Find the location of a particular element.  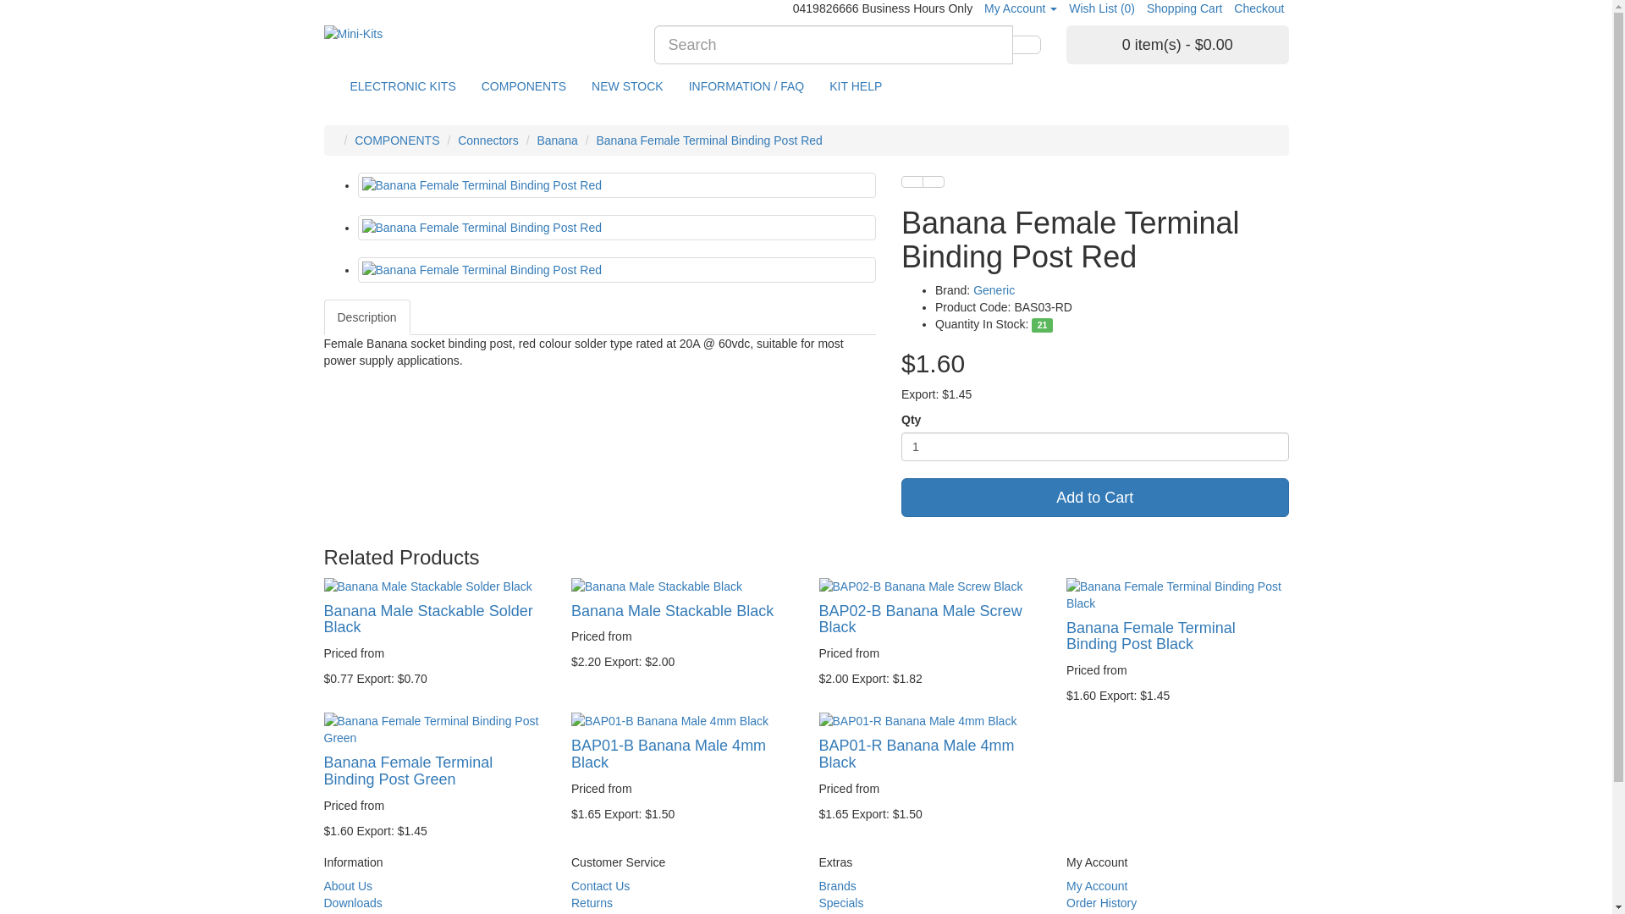

'BAP02-B Banana Male Screw Black' is located at coordinates (929, 586).